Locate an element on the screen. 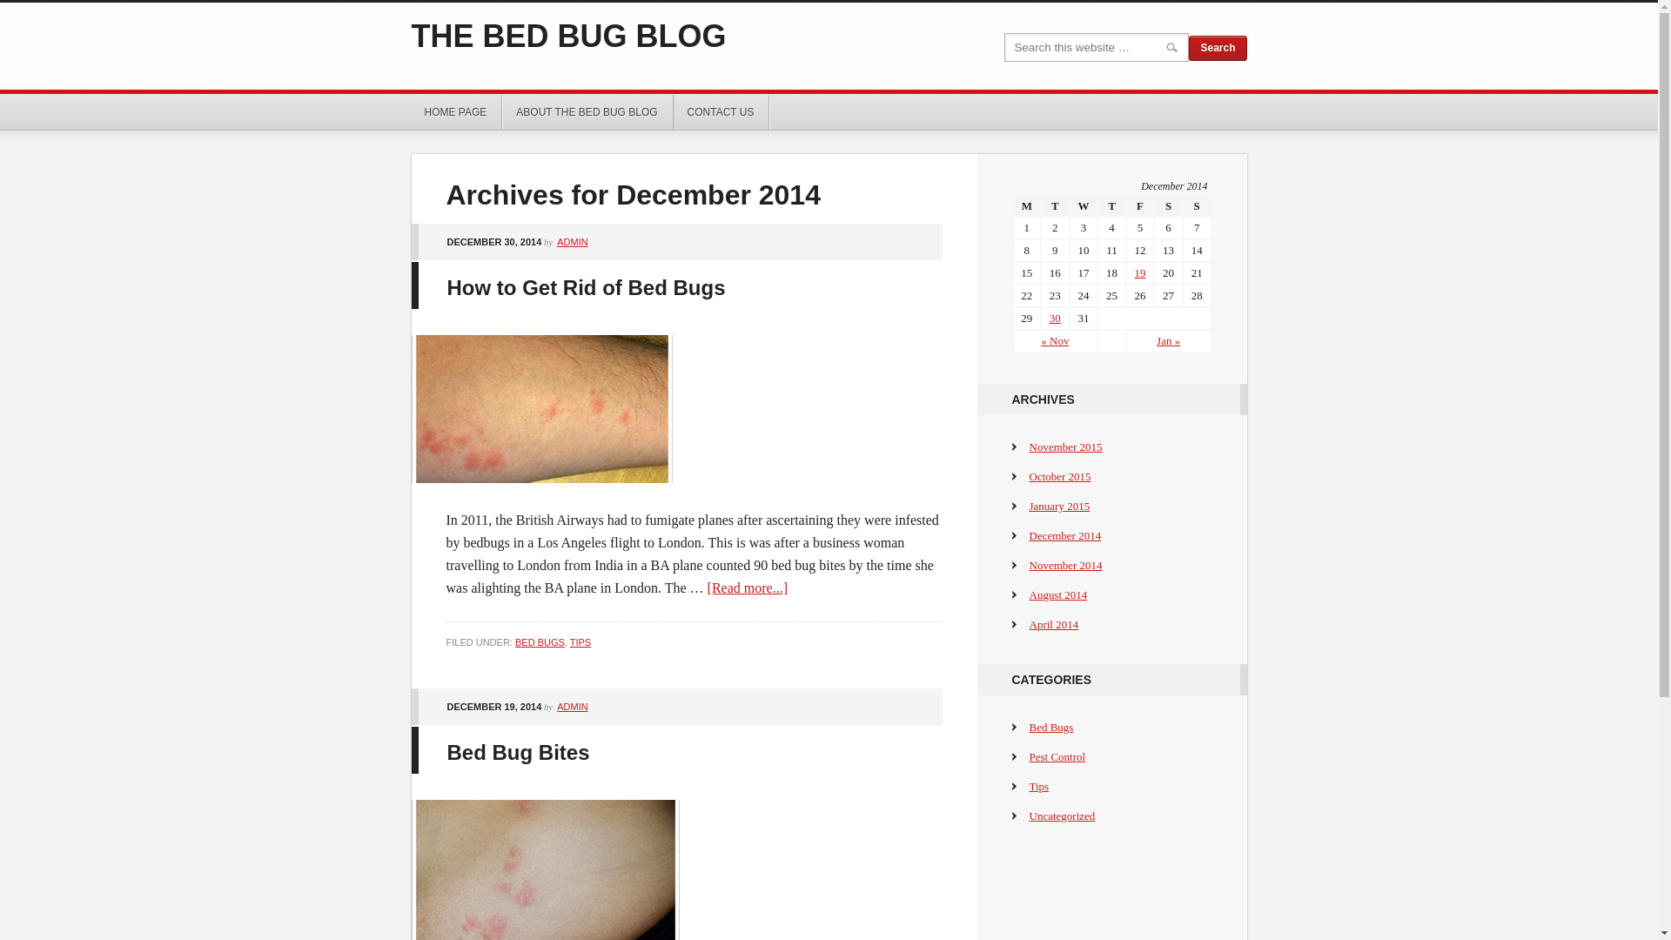  '30' is located at coordinates (1054, 318).